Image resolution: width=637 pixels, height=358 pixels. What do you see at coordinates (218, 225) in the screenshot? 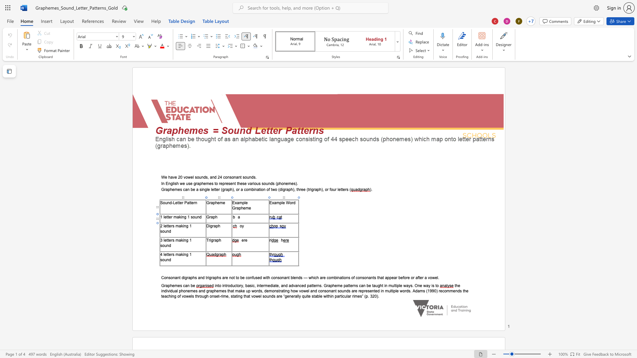
I see `the space between the continuous character "p" and "h" in the text` at bounding box center [218, 225].